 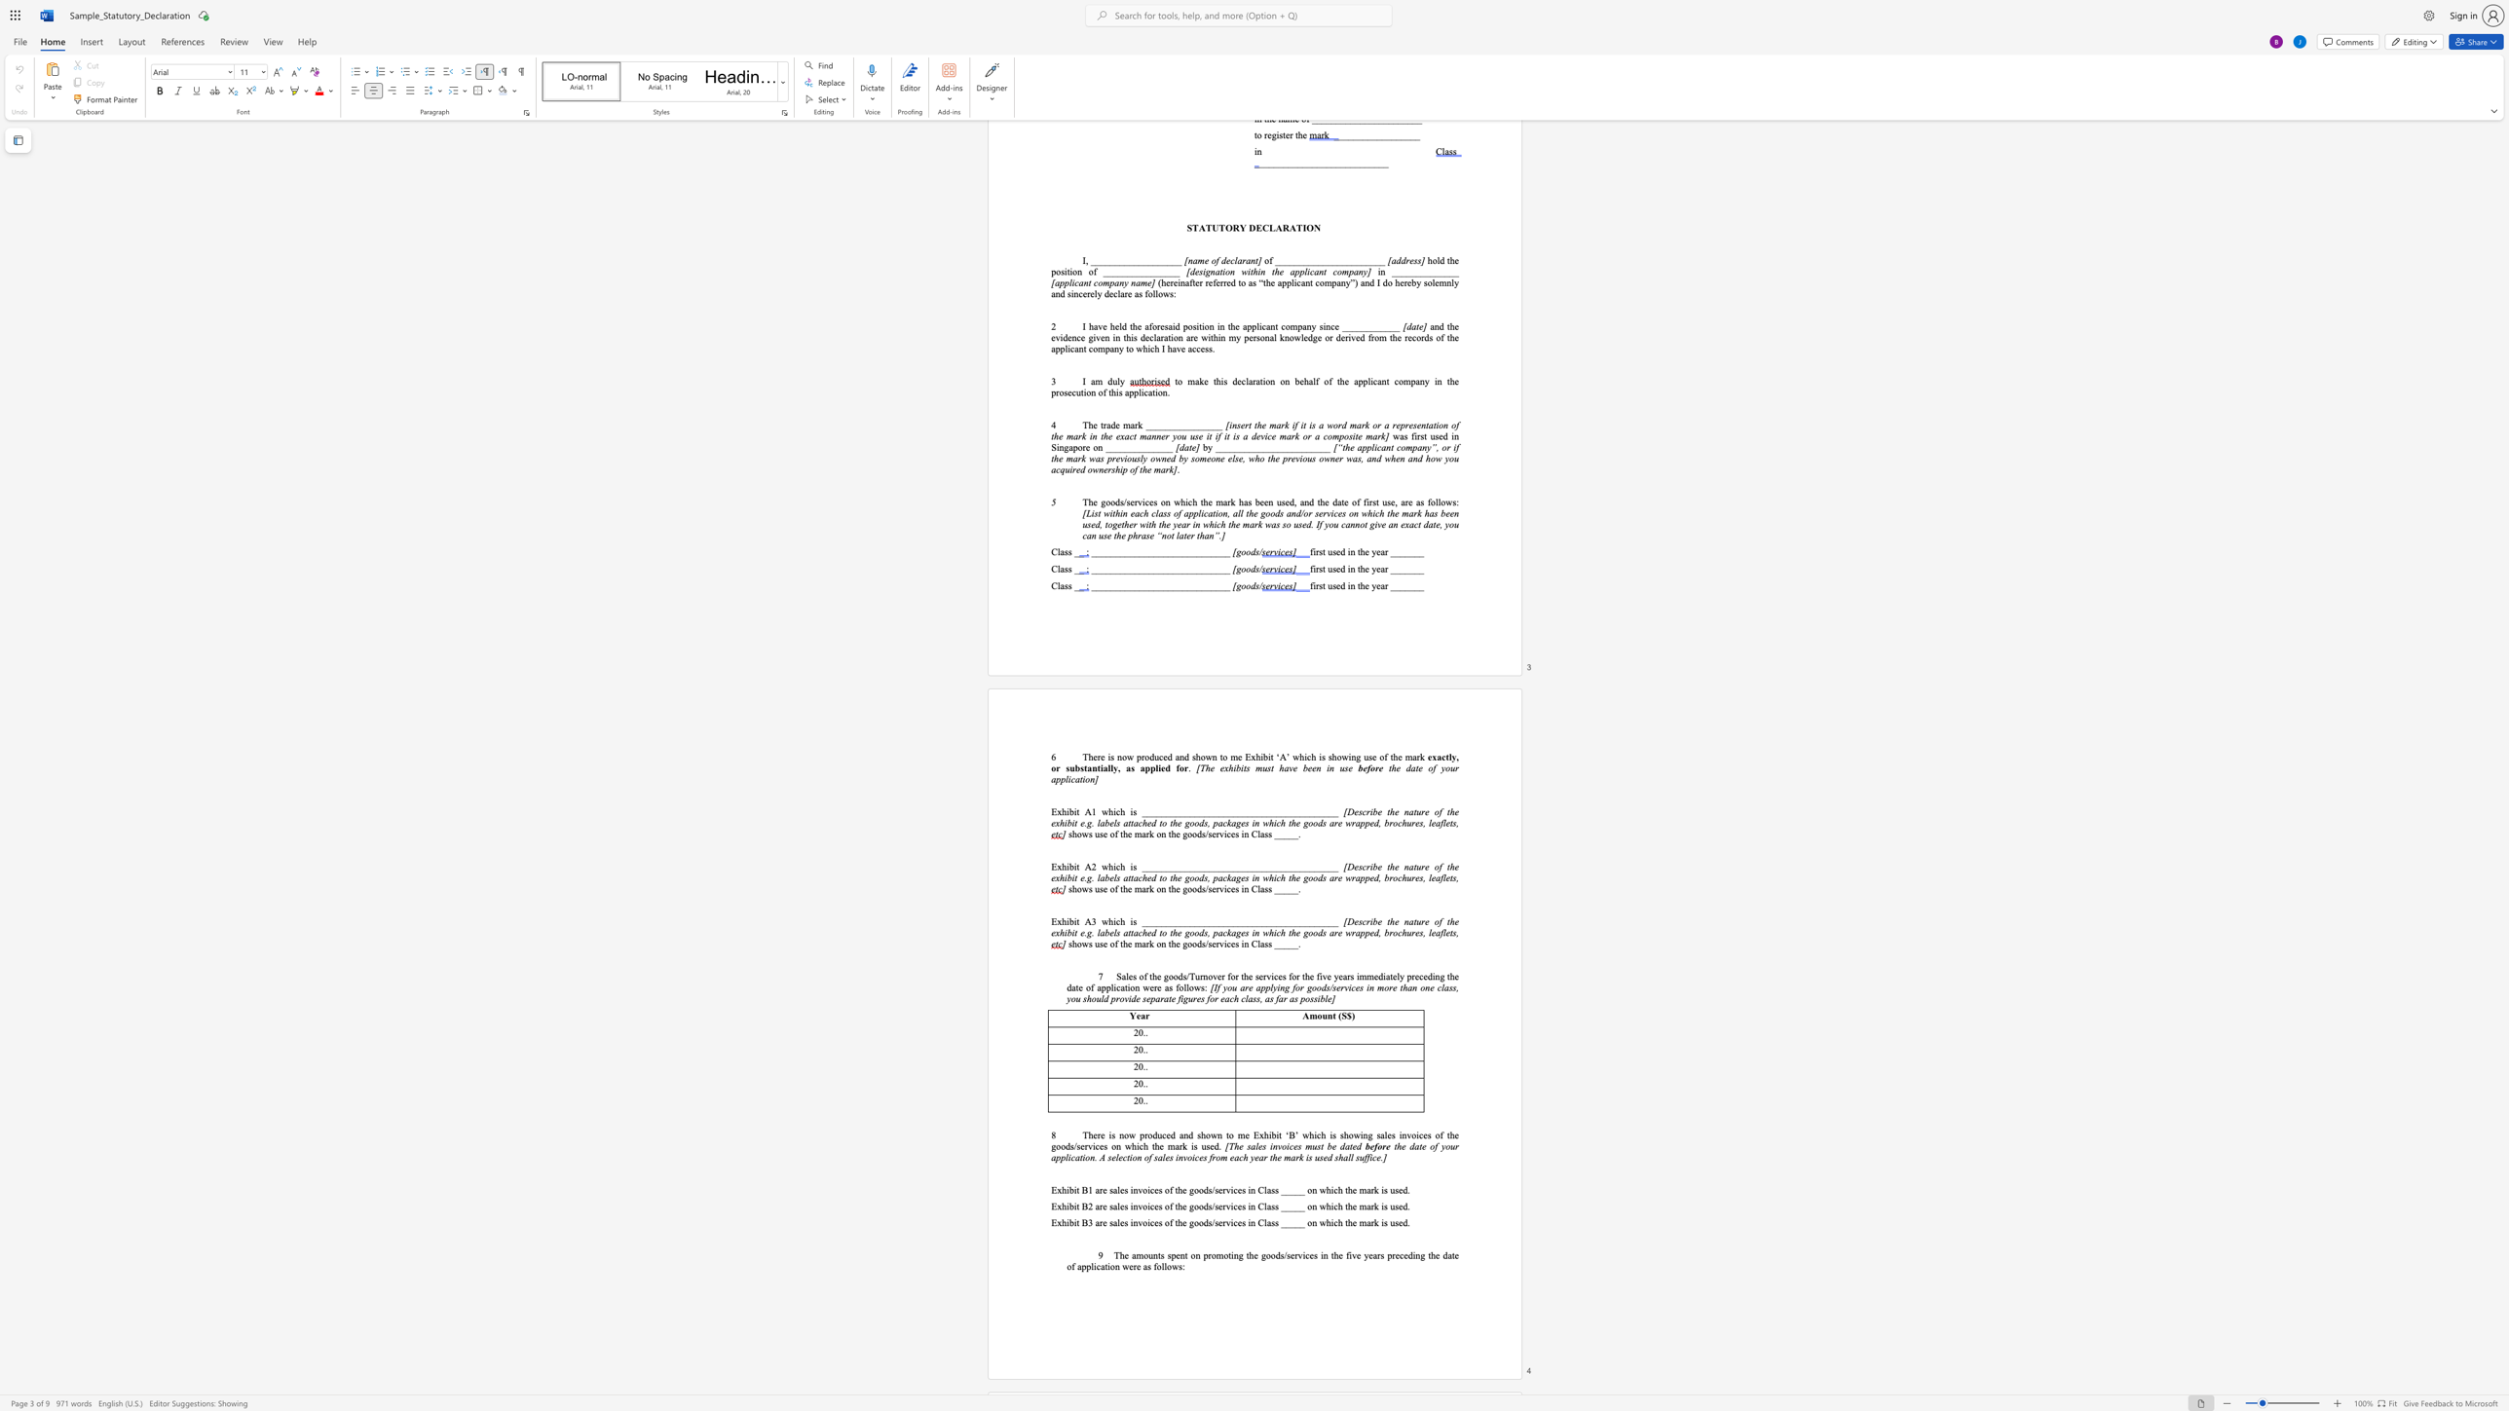 What do you see at coordinates (1347, 1190) in the screenshot?
I see `the subset text "he ma" within the text "Exhibit B1 are sales invoices of the goods/services in Class _____ on which the mark is used."` at bounding box center [1347, 1190].